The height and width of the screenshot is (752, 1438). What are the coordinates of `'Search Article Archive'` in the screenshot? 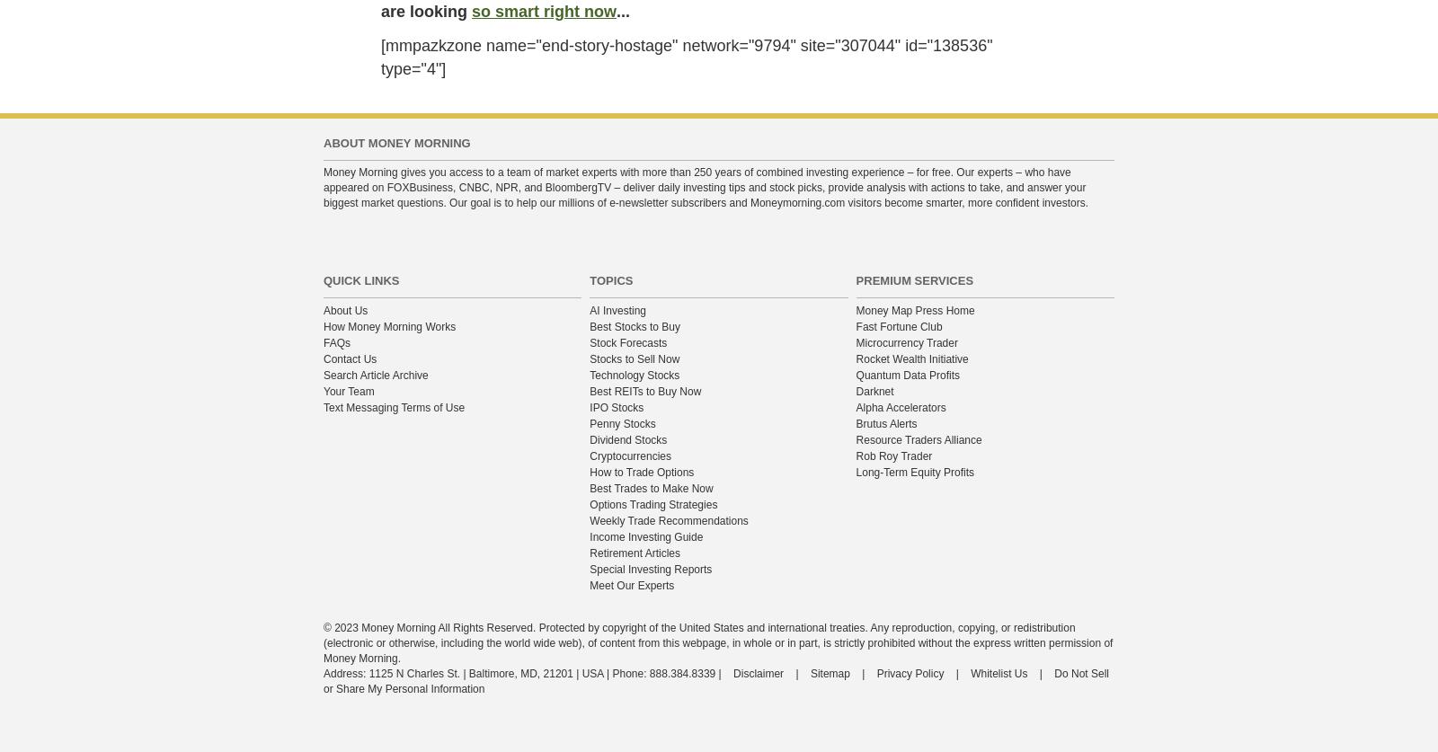 It's located at (374, 375).